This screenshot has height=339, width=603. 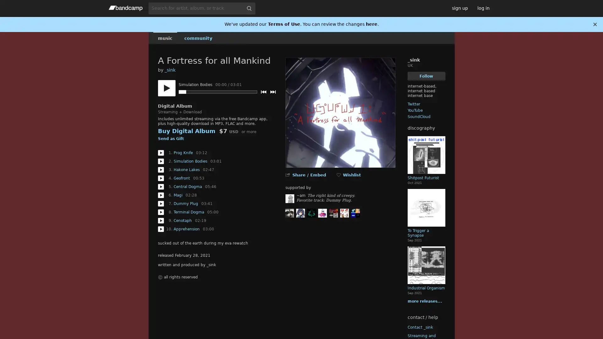 What do you see at coordinates (175, 106) in the screenshot?
I see `Digital Album` at bounding box center [175, 106].